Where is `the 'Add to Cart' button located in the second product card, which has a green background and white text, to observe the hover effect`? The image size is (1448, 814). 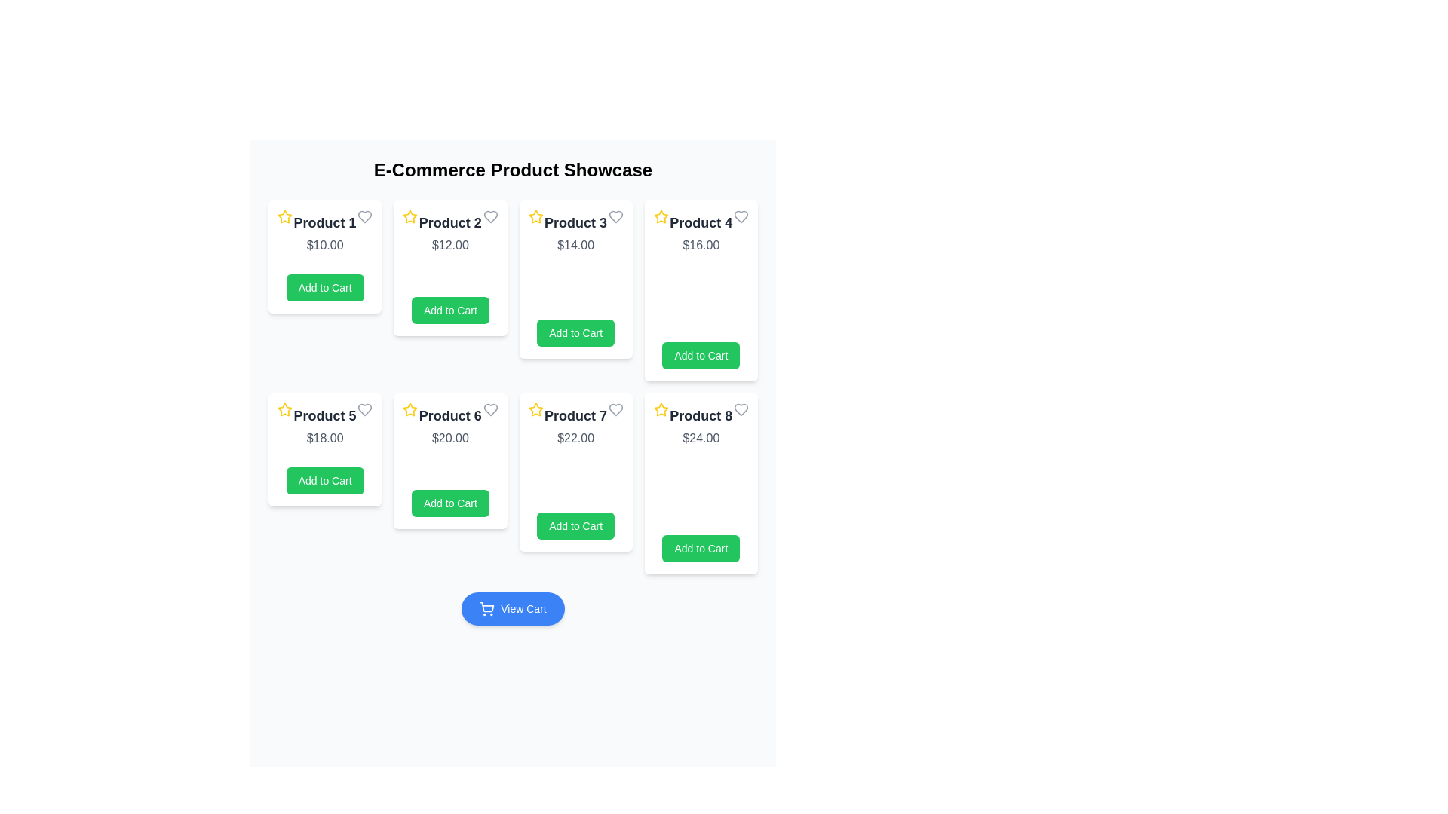
the 'Add to Cart' button located in the second product card, which has a green background and white text, to observe the hover effect is located at coordinates (449, 310).